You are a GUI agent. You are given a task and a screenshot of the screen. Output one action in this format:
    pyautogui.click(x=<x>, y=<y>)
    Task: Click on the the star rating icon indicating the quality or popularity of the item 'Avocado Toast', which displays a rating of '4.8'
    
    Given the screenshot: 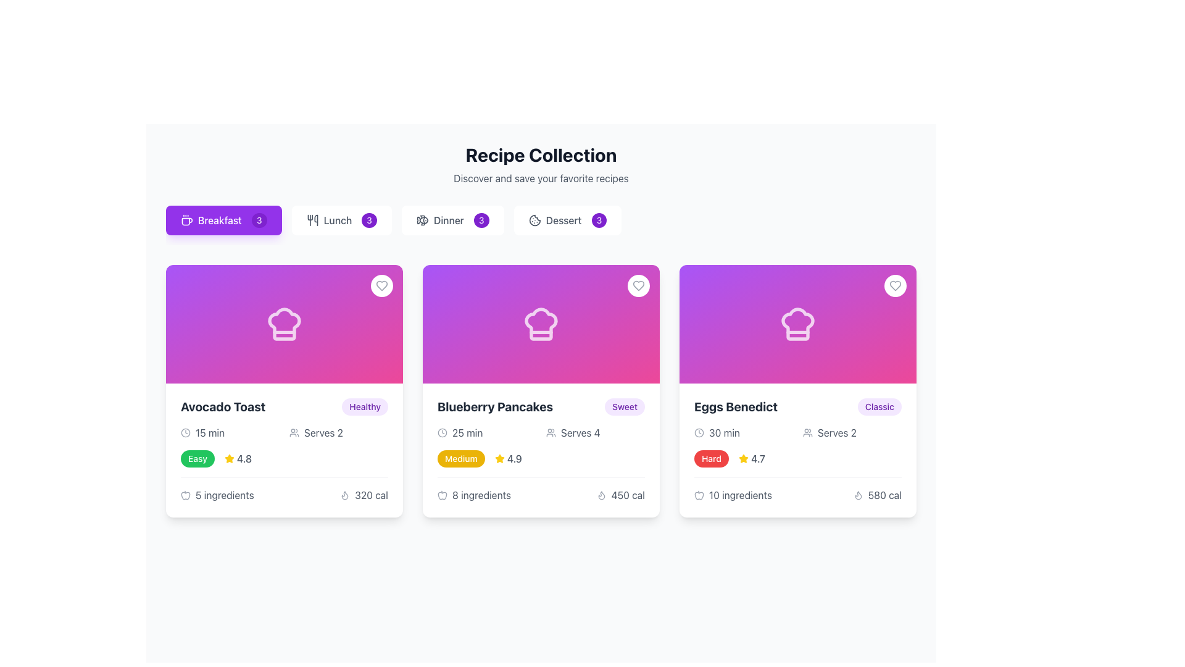 What is the action you would take?
    pyautogui.click(x=229, y=459)
    